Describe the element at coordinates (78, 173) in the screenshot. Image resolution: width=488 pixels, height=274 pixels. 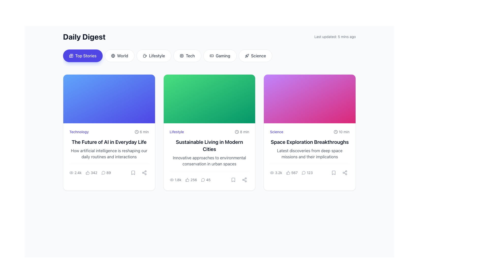
I see `the Text Label that shows the numerical count of views, located at the bottom left corner of the first card in the top stories section, adjacent to the eye icon` at that location.